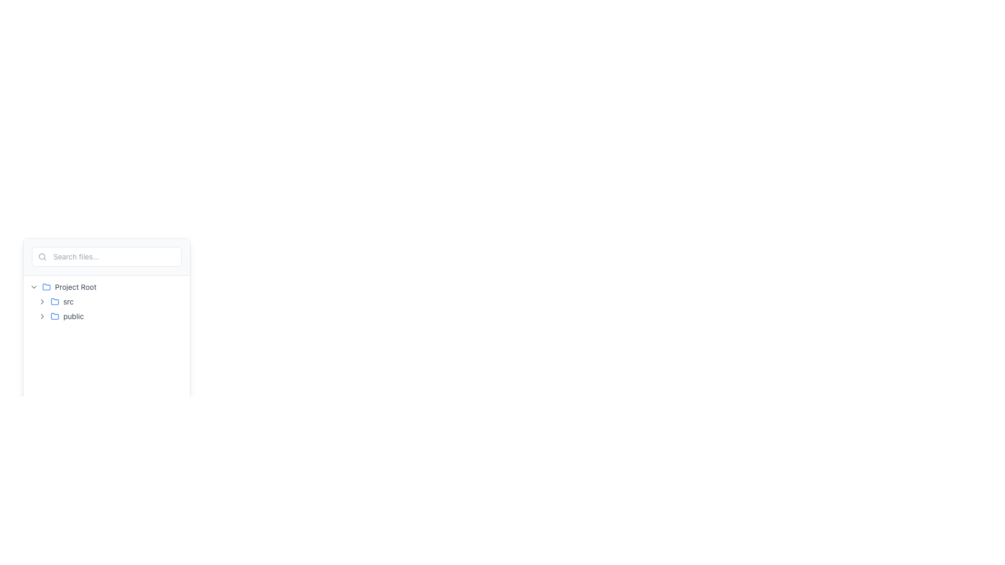  I want to click on the Chevron-right icon located to the left of the text 'public', so click(42, 316).